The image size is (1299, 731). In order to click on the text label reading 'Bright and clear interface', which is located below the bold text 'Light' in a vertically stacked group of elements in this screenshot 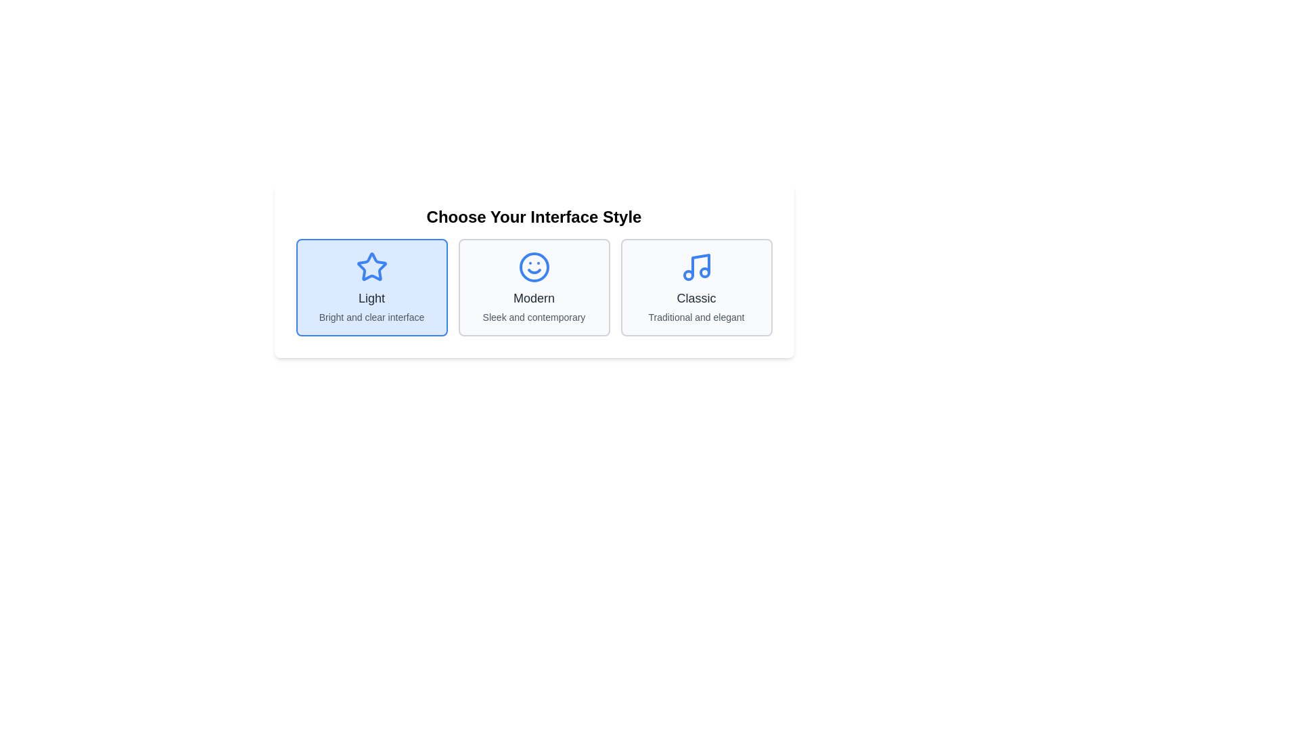, I will do `click(371, 317)`.